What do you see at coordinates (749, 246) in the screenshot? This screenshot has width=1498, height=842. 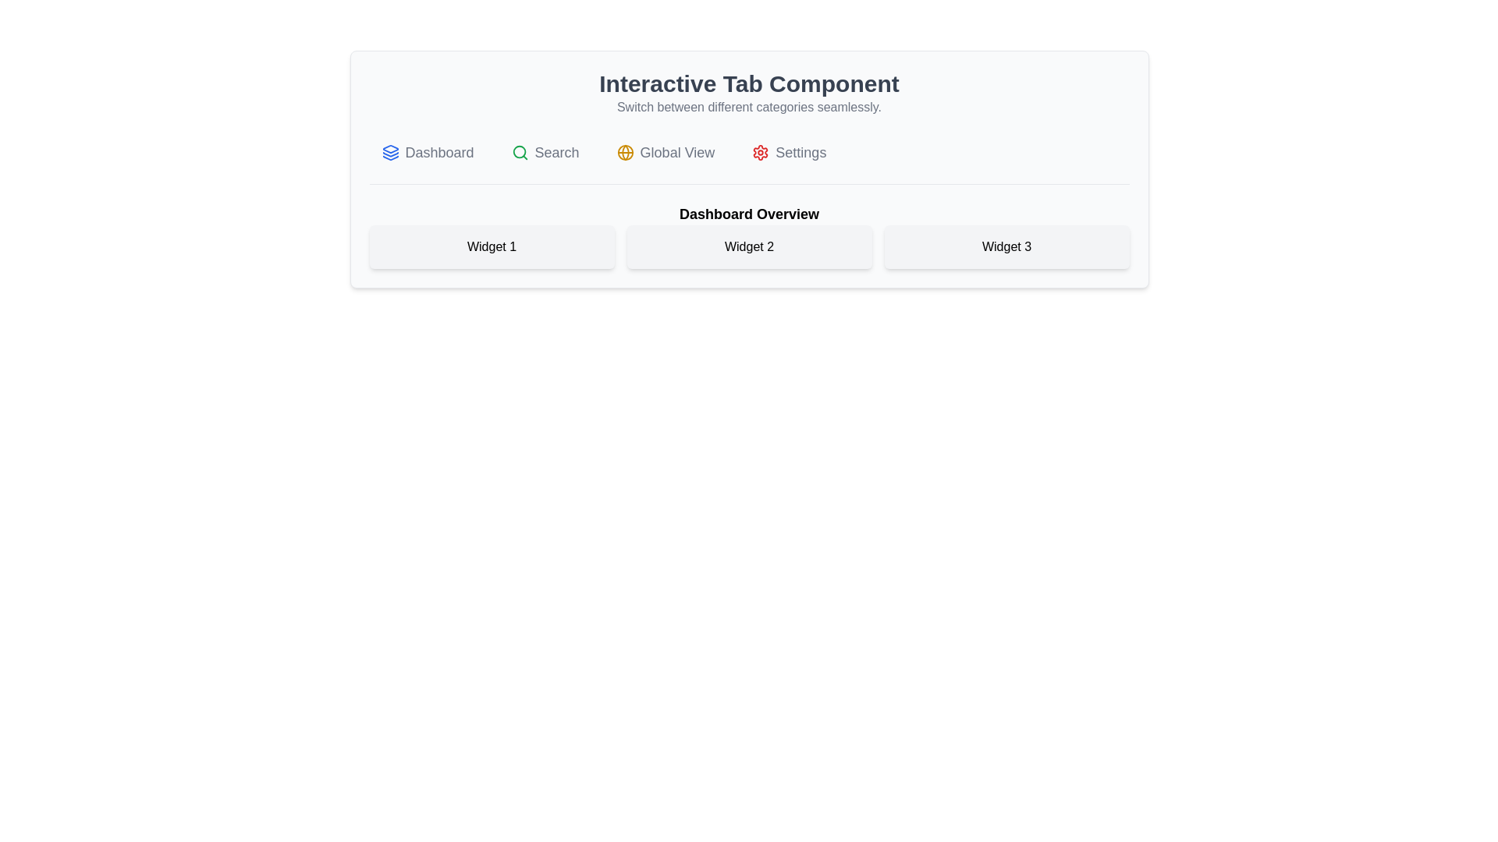 I see `the static textual display box labeled 'Widget 2' which is centered between 'Widget 1' and 'Widget 3' in a three-column layout` at bounding box center [749, 246].